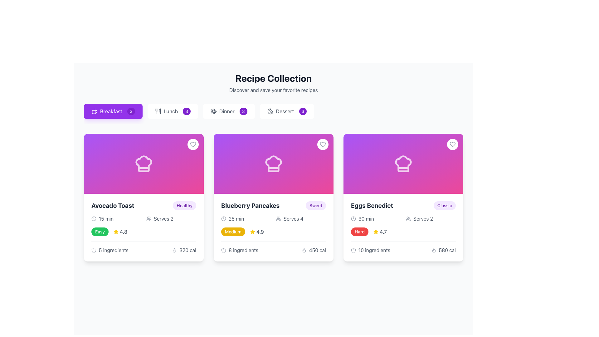  What do you see at coordinates (293, 218) in the screenshot?
I see `text of the label indicating the serving size for the 'Blueberry Pancakes' recipe, which states that it serves 4 people` at bounding box center [293, 218].